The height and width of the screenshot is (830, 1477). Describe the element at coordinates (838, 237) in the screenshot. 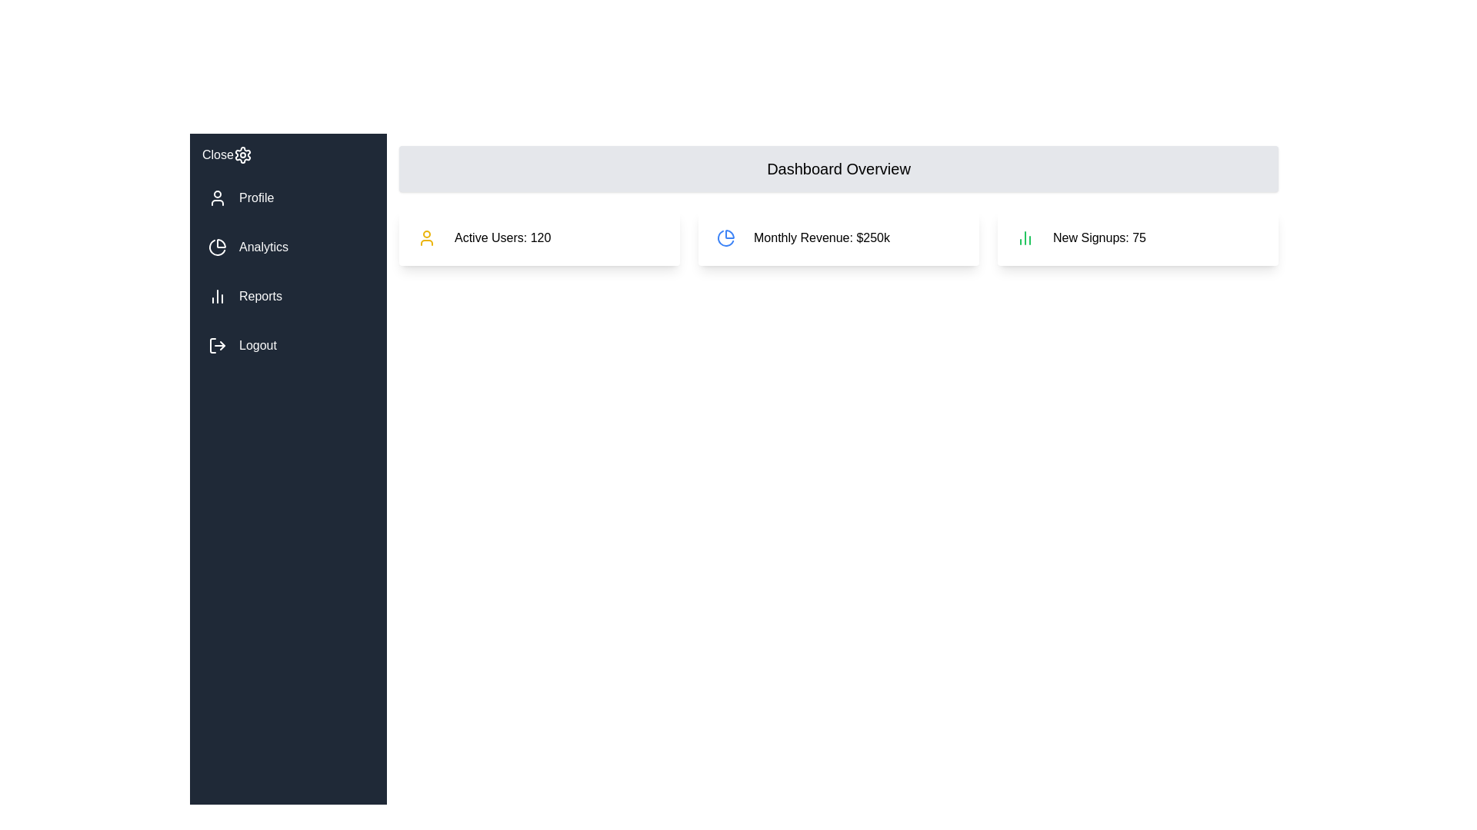

I see `the Information Card that displays the monthly revenue metric, which is located in the second column of a three-column grid layout, positioned between 'Active Users: 120' on the left and 'New Signups: 75' on the right` at that location.